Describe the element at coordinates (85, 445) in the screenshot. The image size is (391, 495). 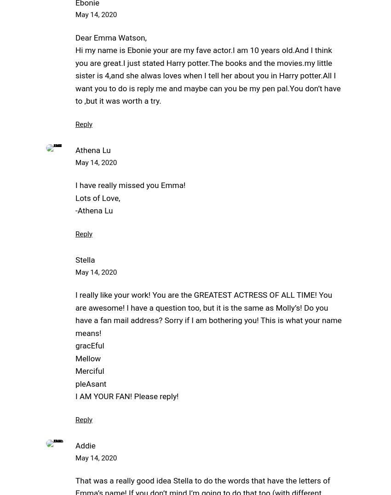
I see `'Addie'` at that location.